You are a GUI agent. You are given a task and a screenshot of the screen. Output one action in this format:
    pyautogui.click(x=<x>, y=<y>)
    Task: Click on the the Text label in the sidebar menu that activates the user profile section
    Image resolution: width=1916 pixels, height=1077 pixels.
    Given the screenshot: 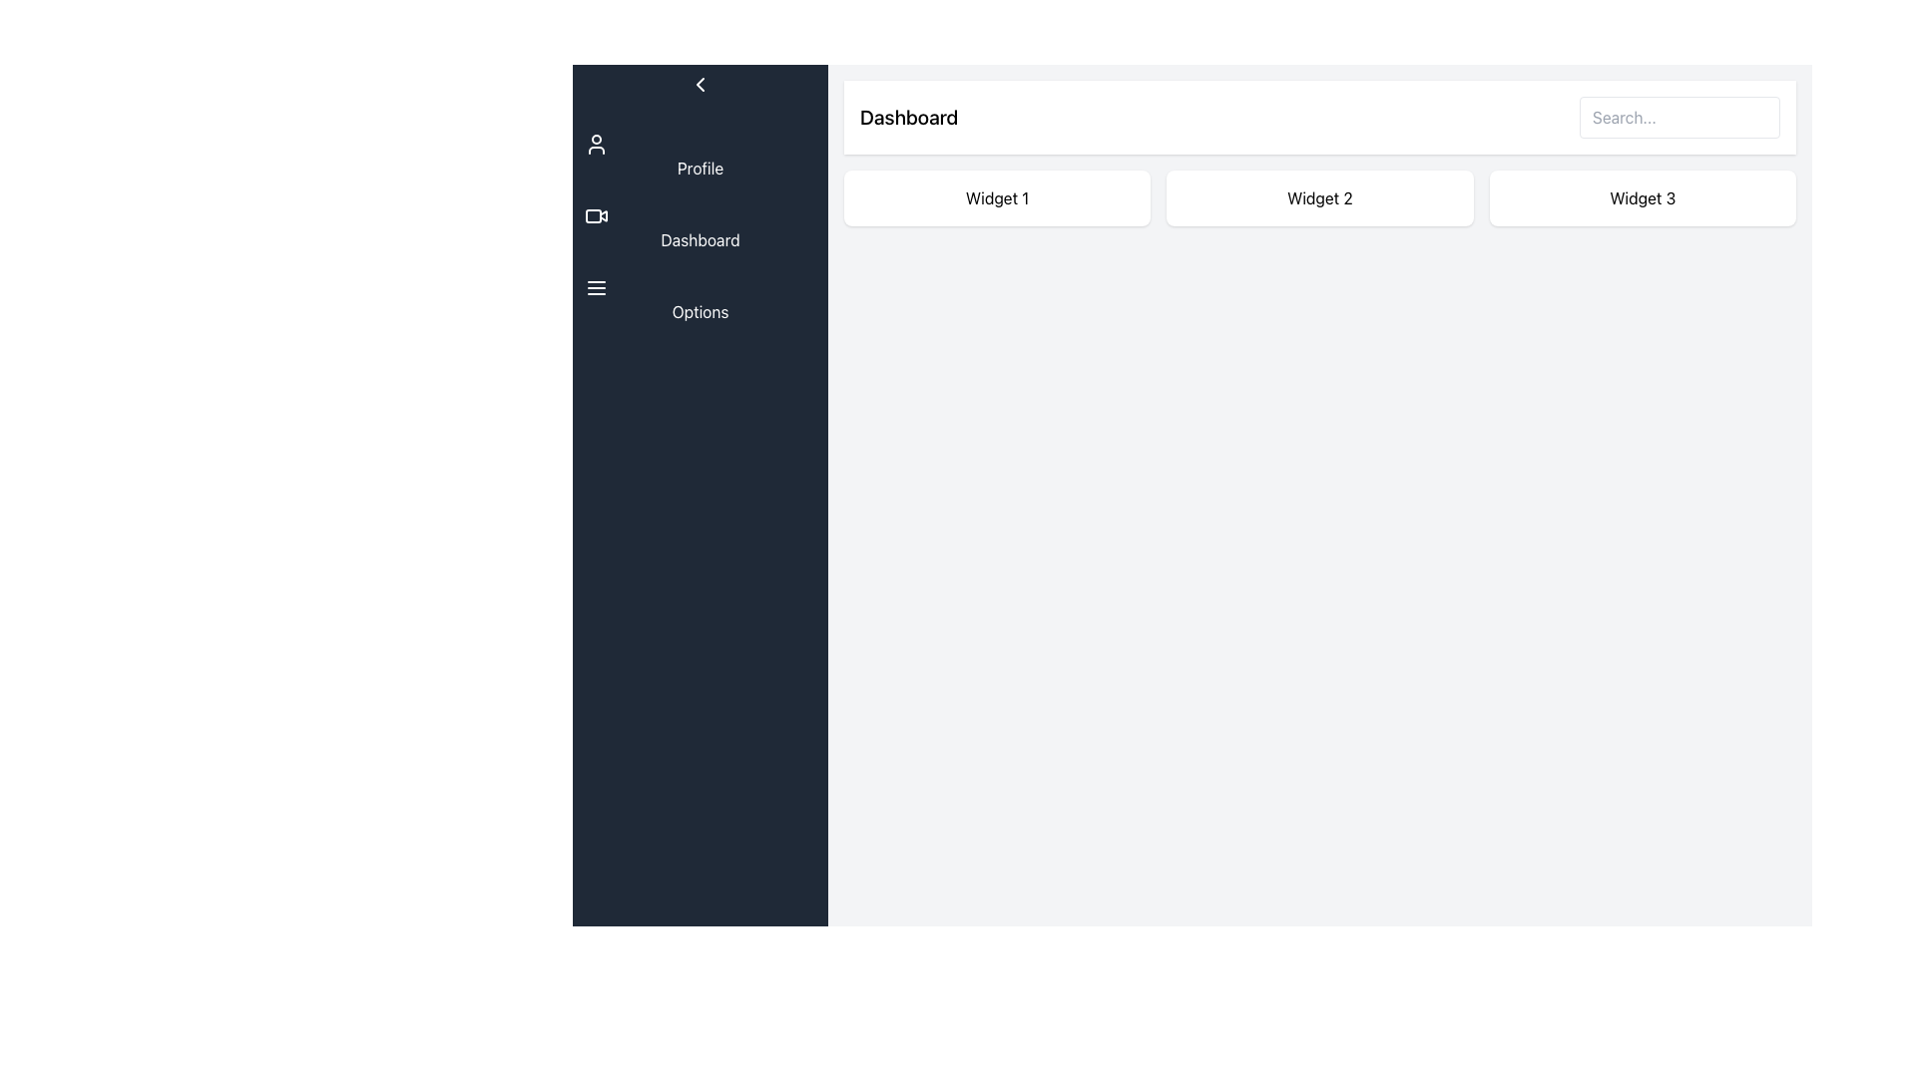 What is the action you would take?
    pyautogui.click(x=700, y=168)
    